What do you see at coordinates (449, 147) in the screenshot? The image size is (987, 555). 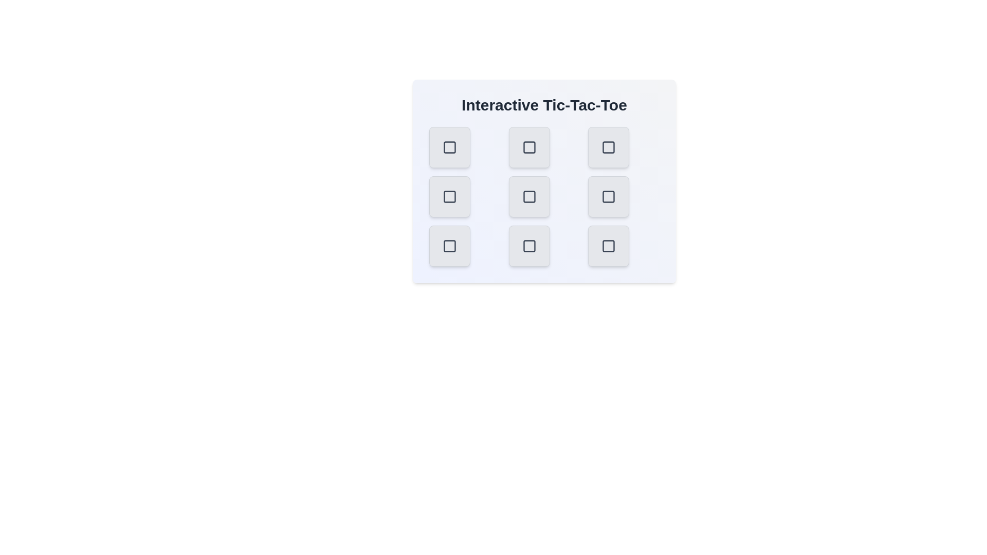 I see `the button at top-left` at bounding box center [449, 147].